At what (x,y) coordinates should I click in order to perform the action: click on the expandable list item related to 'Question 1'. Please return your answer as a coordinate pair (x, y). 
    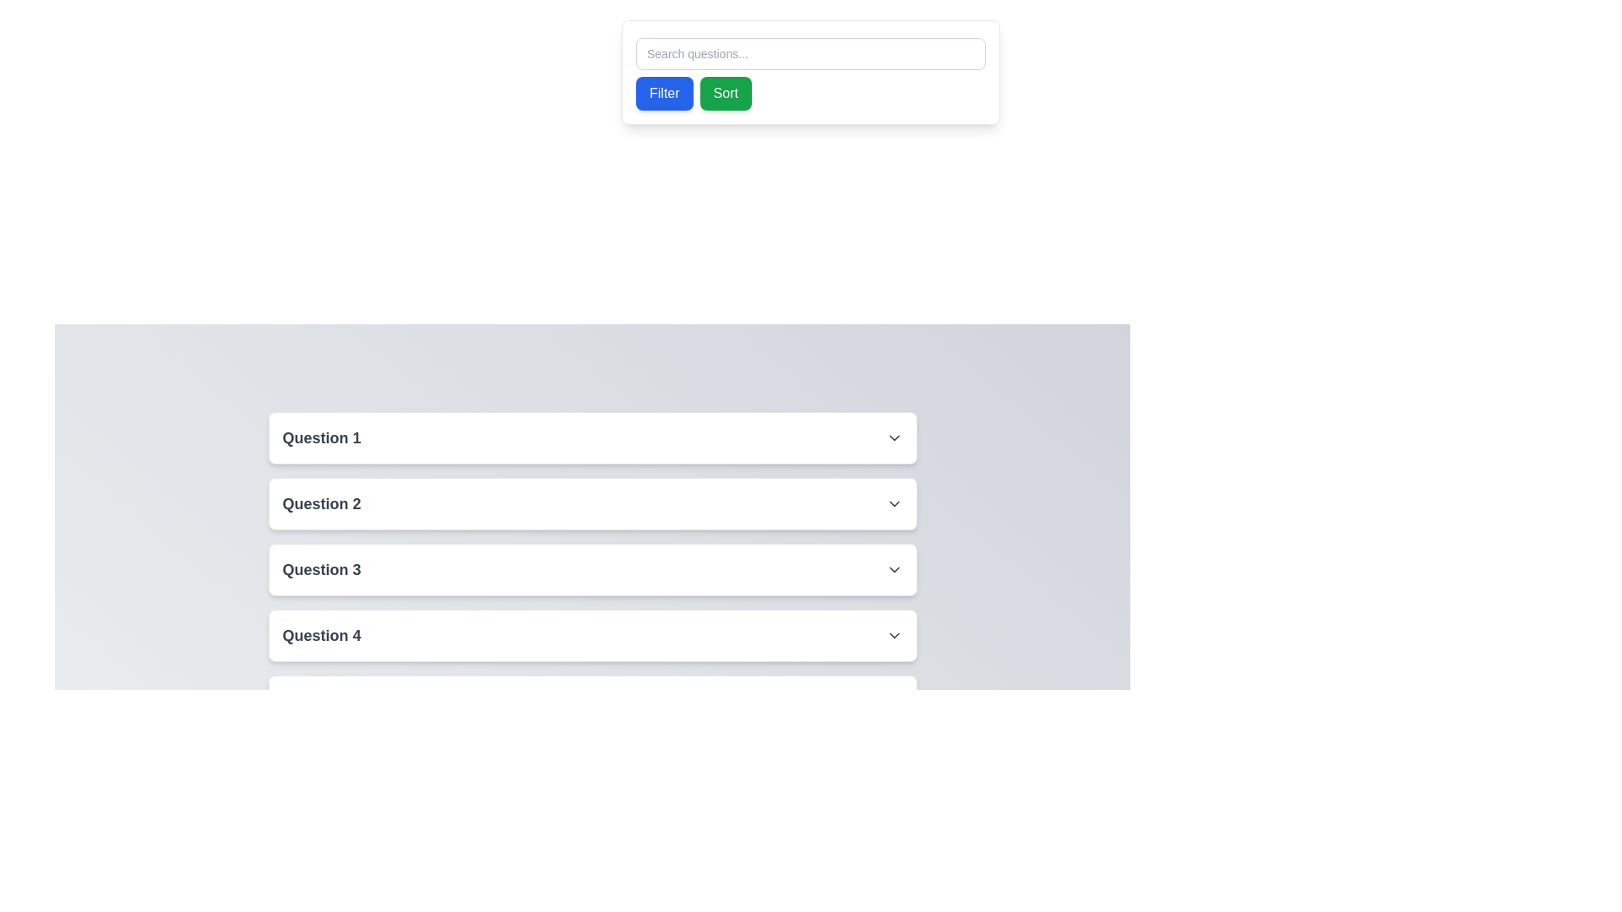
    Looking at the image, I should click on (592, 437).